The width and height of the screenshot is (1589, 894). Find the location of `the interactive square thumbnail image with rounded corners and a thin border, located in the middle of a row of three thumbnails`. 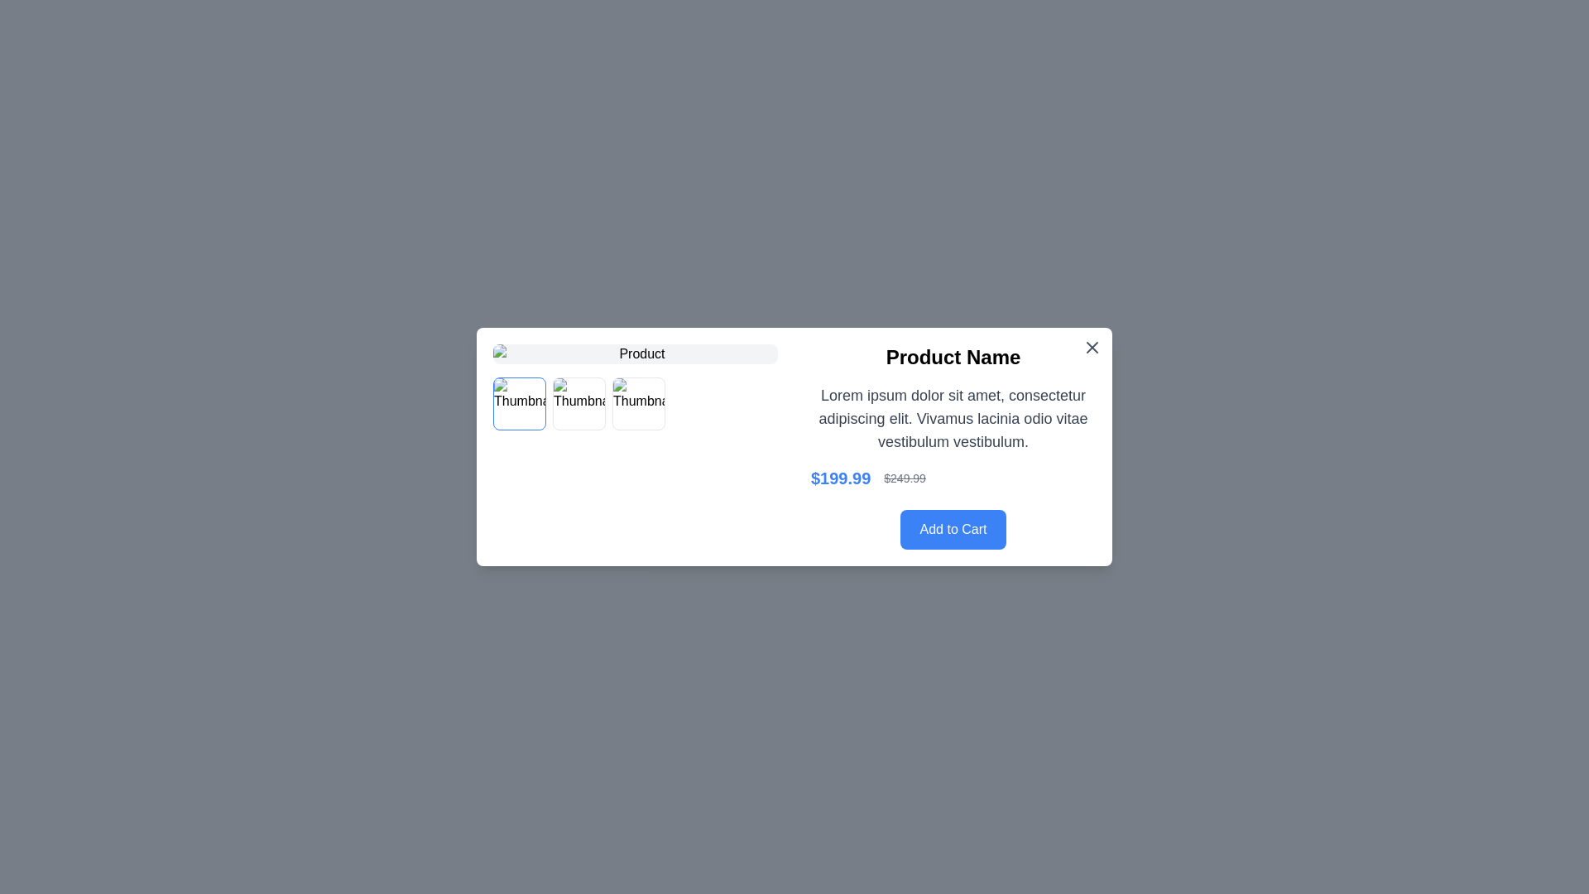

the interactive square thumbnail image with rounded corners and a thin border, located in the middle of a row of three thumbnails is located at coordinates (579, 404).